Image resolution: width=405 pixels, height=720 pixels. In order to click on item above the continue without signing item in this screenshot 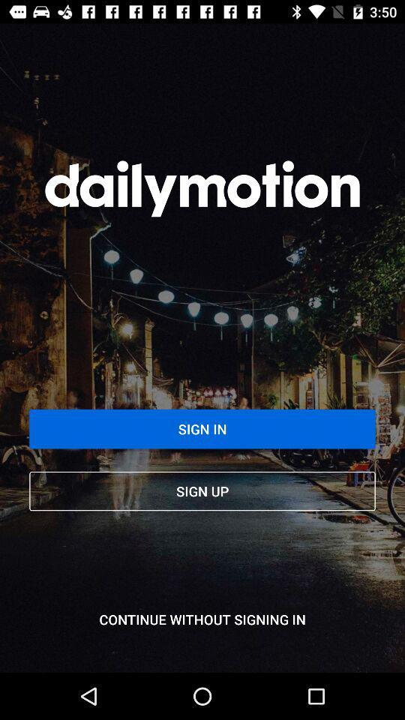, I will do `click(202, 490)`.